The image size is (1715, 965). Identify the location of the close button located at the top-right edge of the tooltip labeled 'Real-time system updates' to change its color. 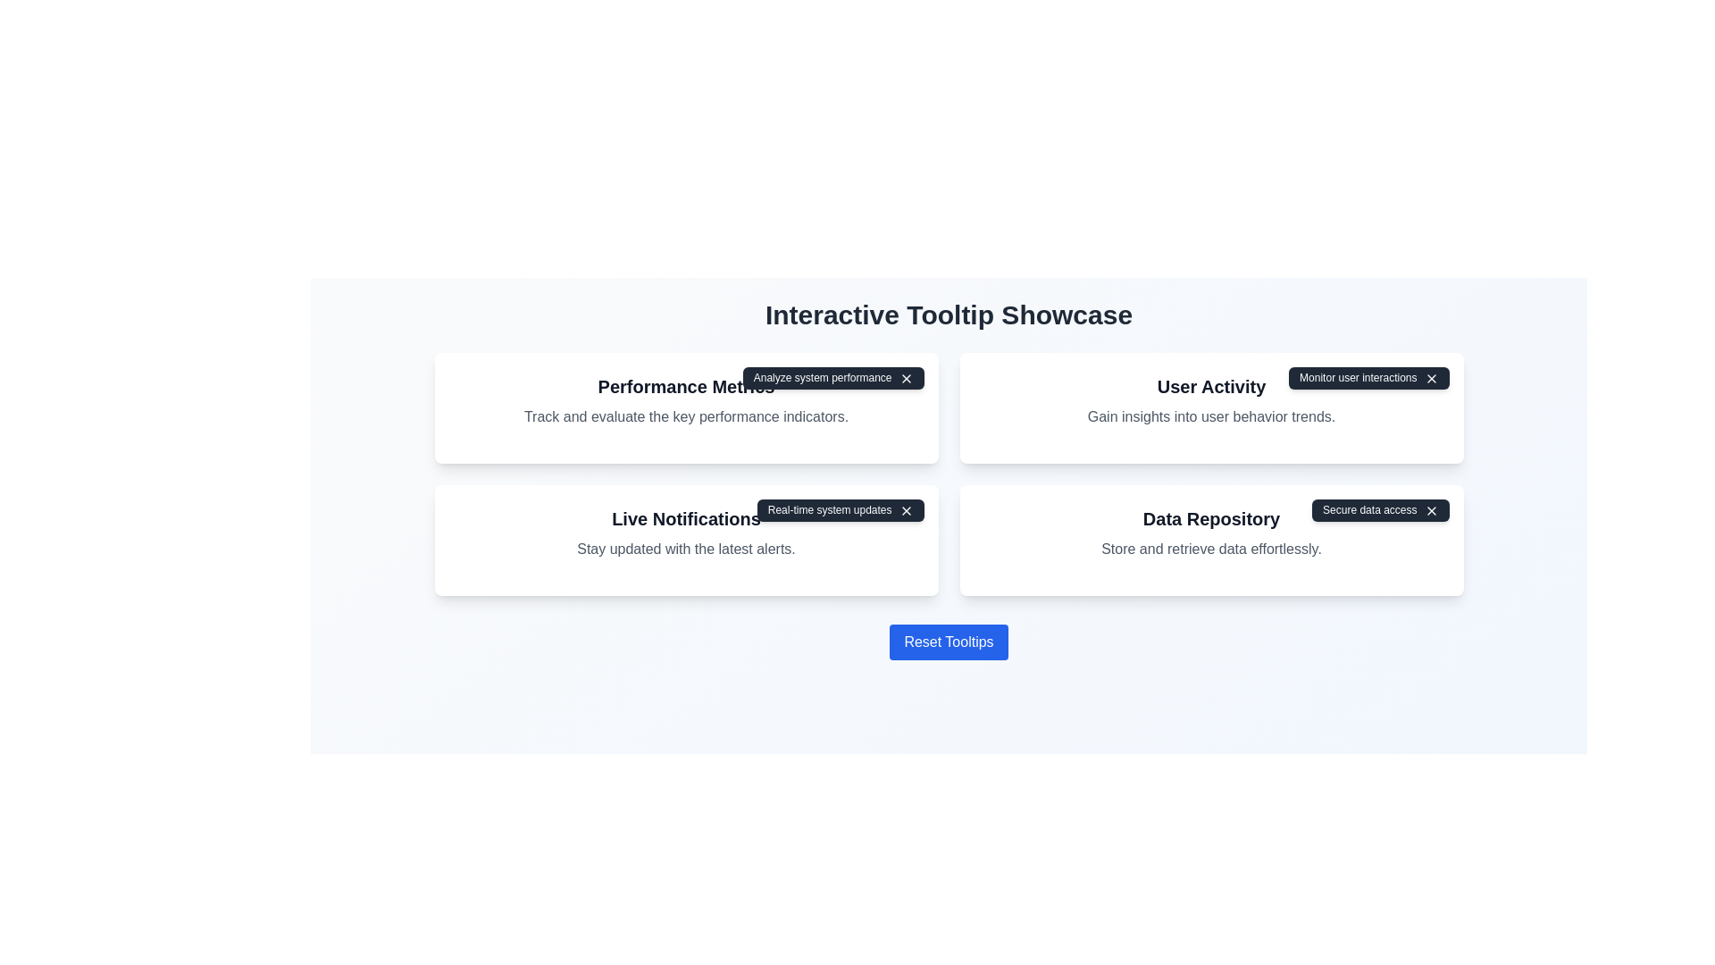
(906, 510).